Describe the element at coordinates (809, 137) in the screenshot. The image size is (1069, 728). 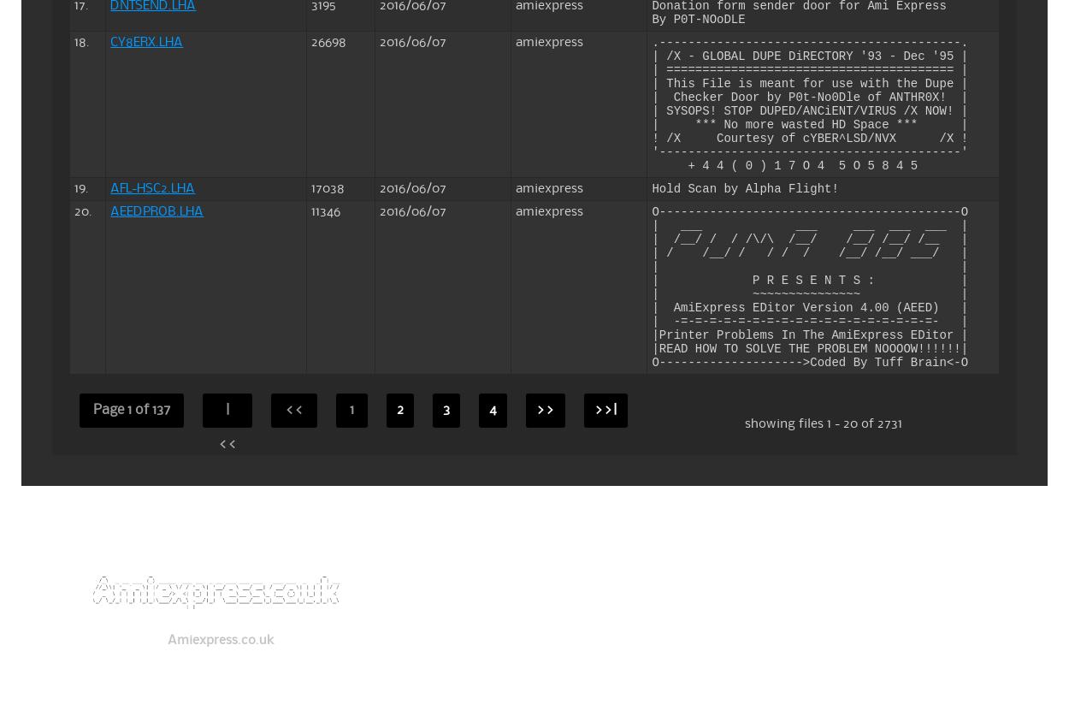
I see `'! /X     Courtesy of cYBER^LSD/NVX      /X !'` at that location.